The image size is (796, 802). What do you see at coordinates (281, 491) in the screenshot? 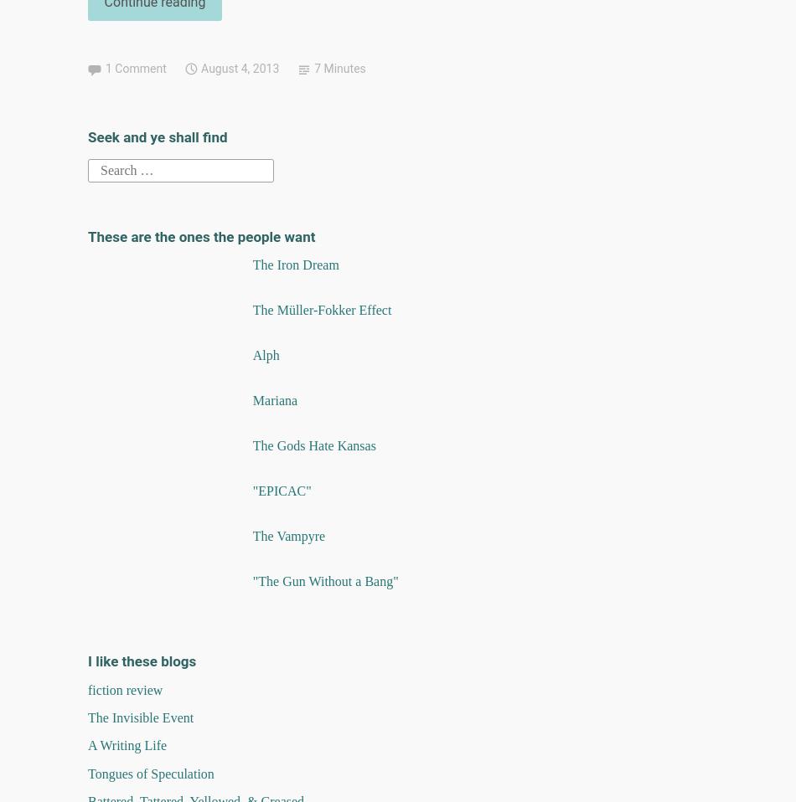
I see `'"EPICAC"'` at bounding box center [281, 491].